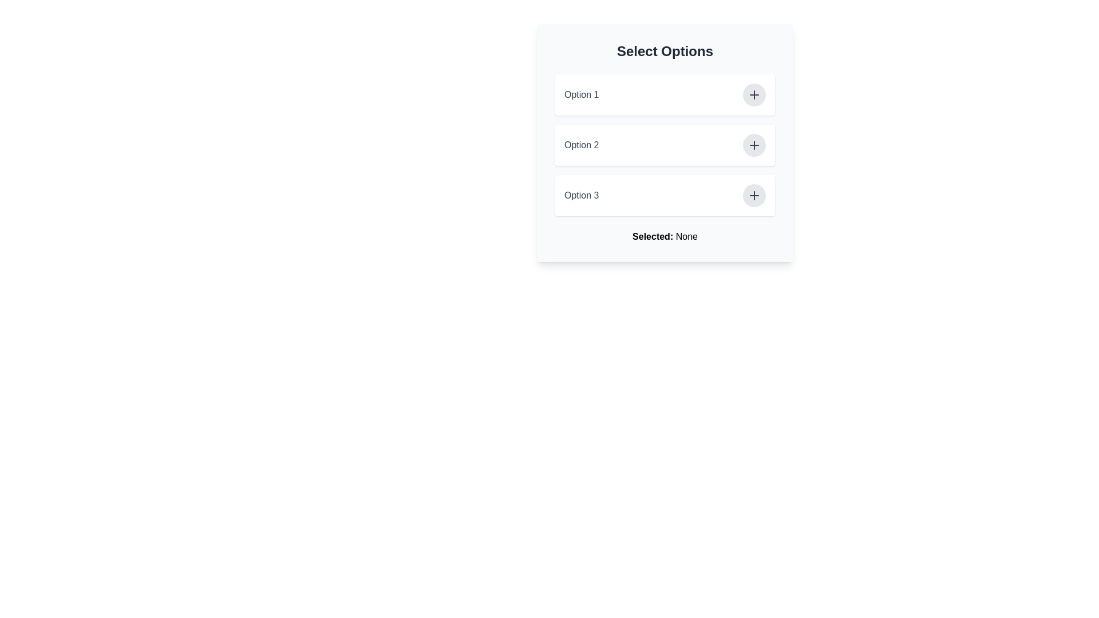 This screenshot has height=618, width=1099. I want to click on the second selectable option in the list under the title 'Select Options', so click(665, 145).